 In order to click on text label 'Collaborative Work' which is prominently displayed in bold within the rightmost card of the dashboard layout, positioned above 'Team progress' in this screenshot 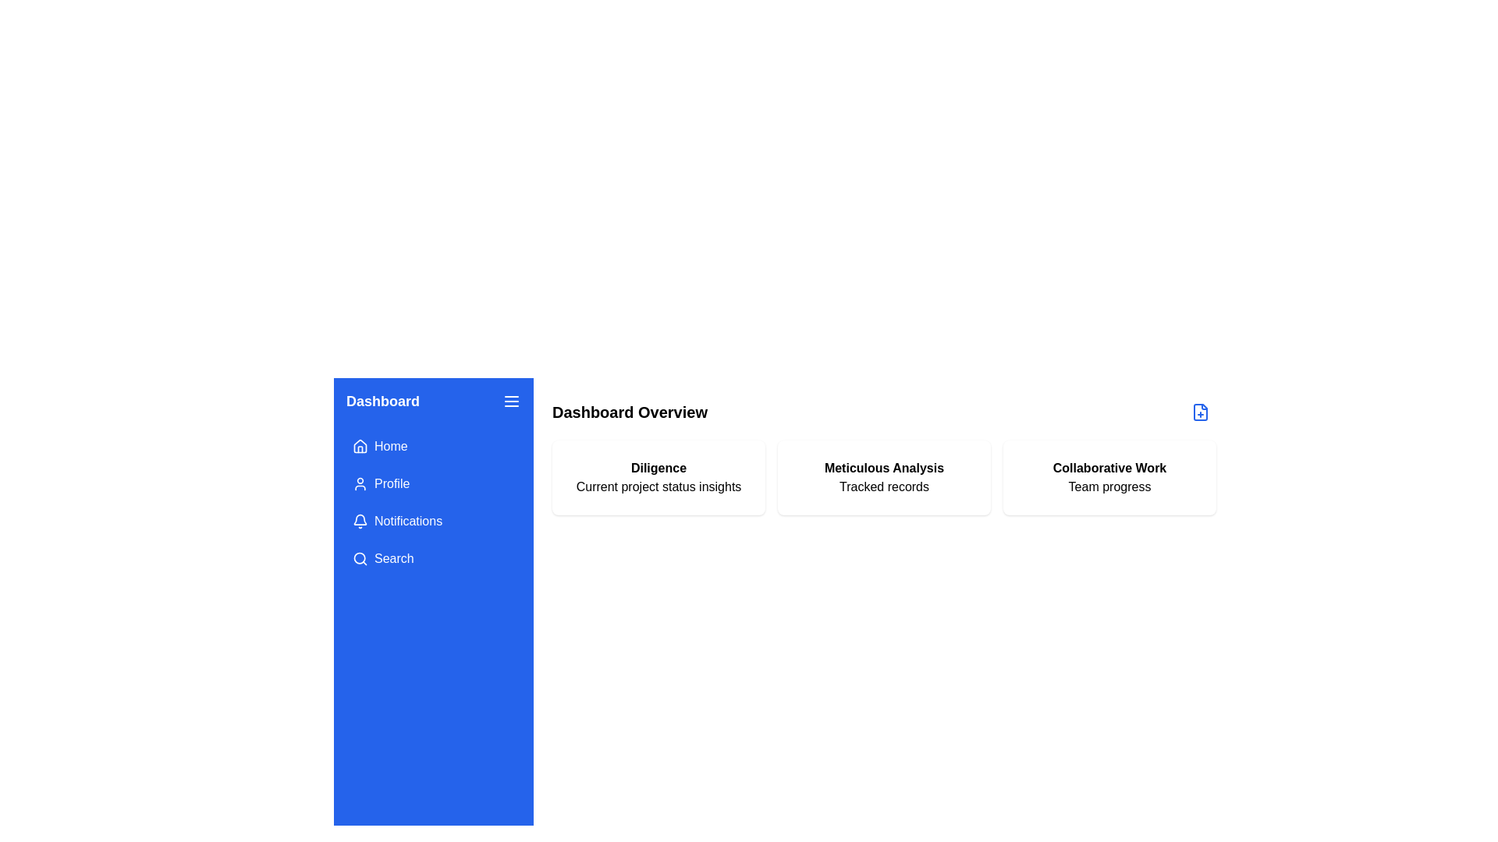, I will do `click(1109, 468)`.